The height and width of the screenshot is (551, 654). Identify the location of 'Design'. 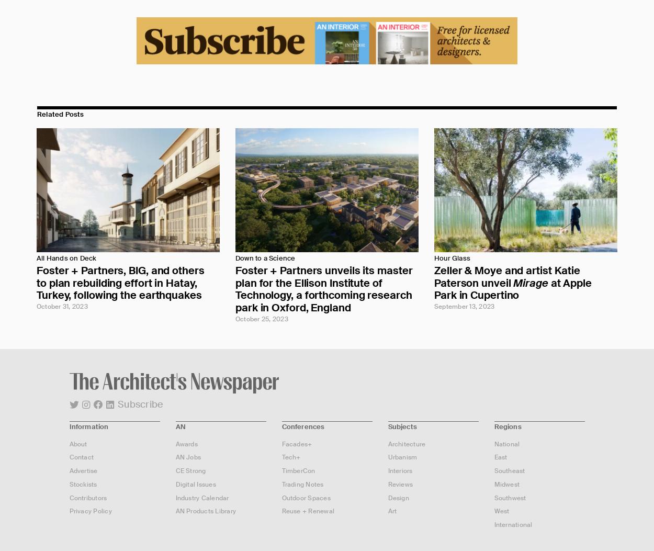
(398, 497).